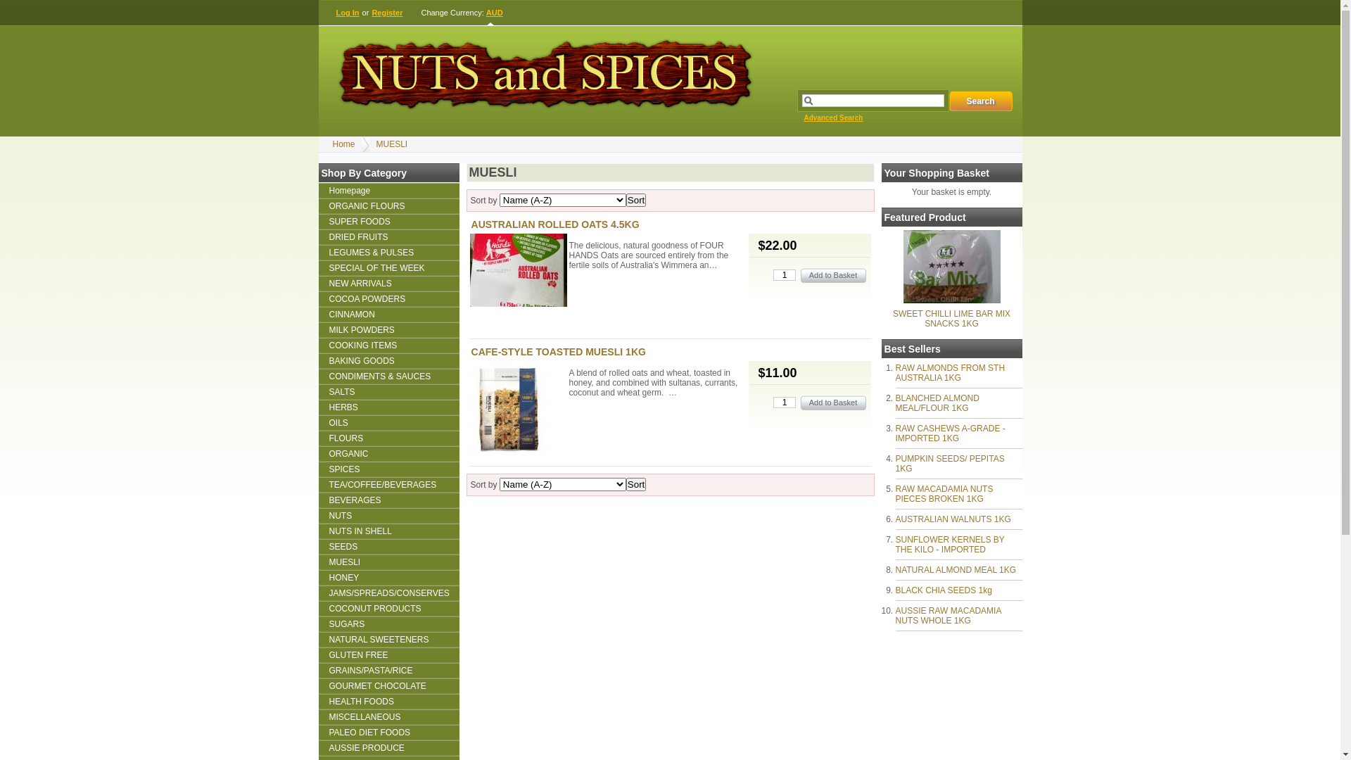 The height and width of the screenshot is (760, 1351). Describe the element at coordinates (388, 607) in the screenshot. I see `'COCONUT PRODUCTS'` at that location.